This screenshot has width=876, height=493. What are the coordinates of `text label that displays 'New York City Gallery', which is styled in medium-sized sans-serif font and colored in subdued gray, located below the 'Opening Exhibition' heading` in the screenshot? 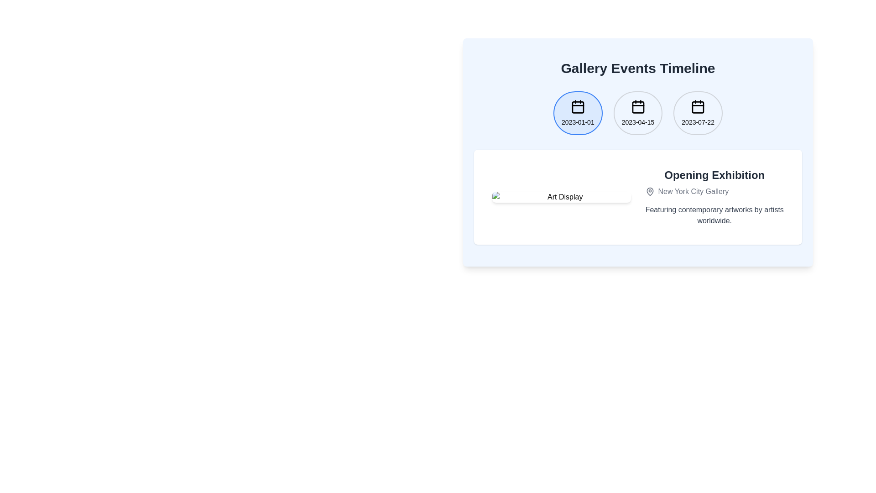 It's located at (693, 191).